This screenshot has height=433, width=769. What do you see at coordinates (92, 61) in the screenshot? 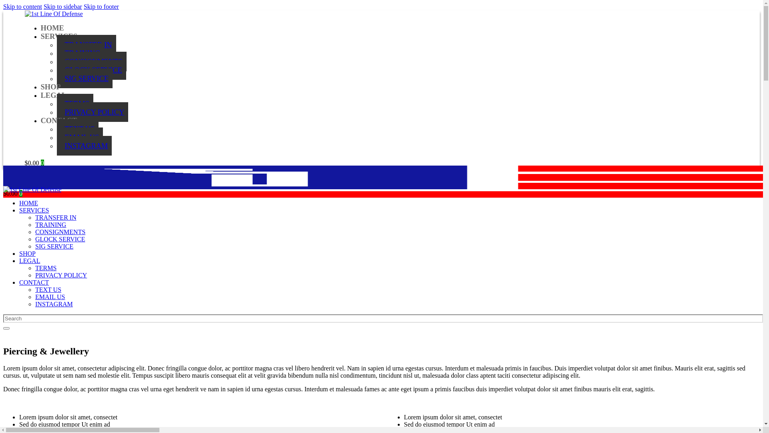
I see `'CONSIGNMENTS'` at bounding box center [92, 61].